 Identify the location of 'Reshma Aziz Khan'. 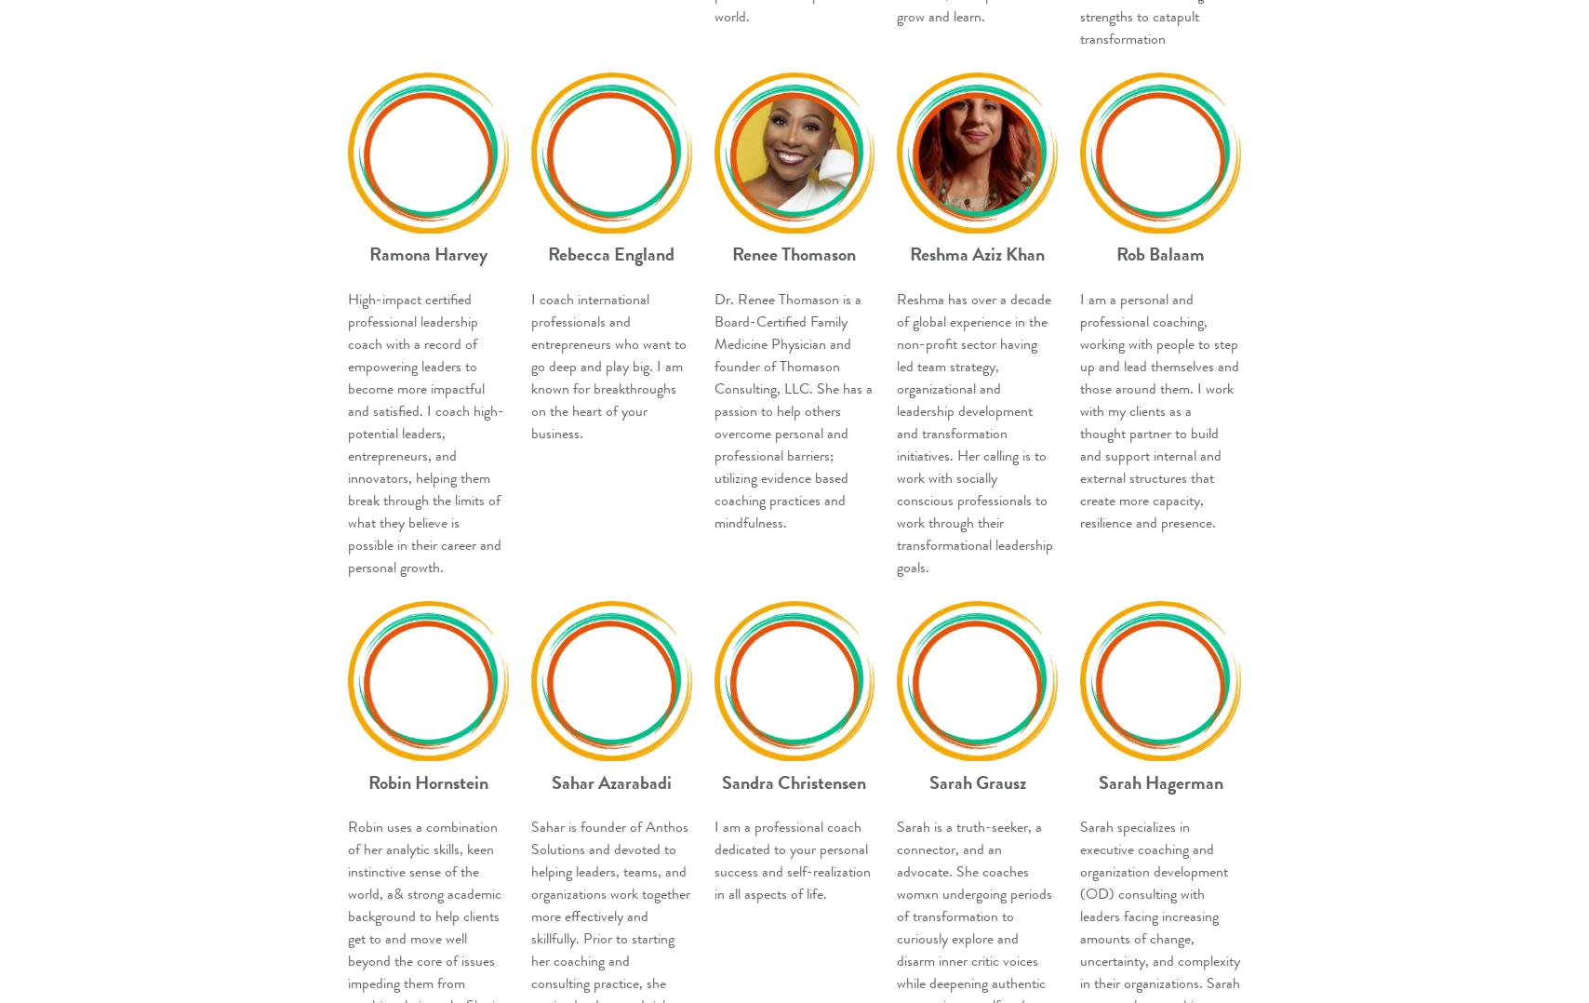
(910, 254).